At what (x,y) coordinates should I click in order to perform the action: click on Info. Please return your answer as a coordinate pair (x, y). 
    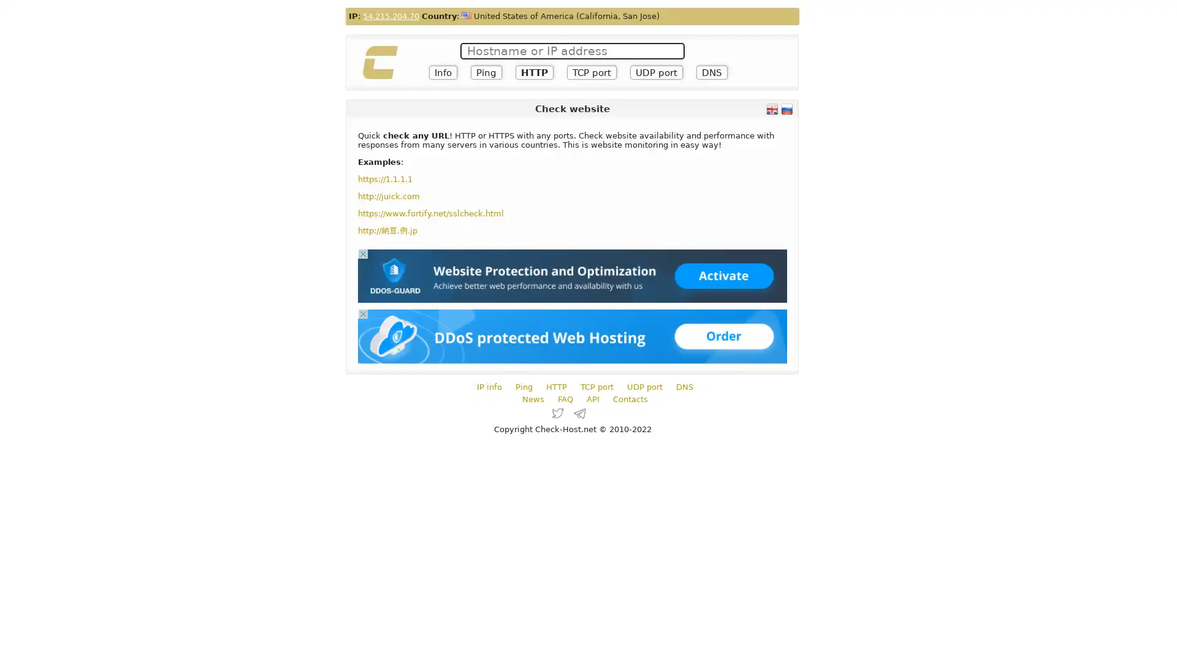
    Looking at the image, I should click on (441, 72).